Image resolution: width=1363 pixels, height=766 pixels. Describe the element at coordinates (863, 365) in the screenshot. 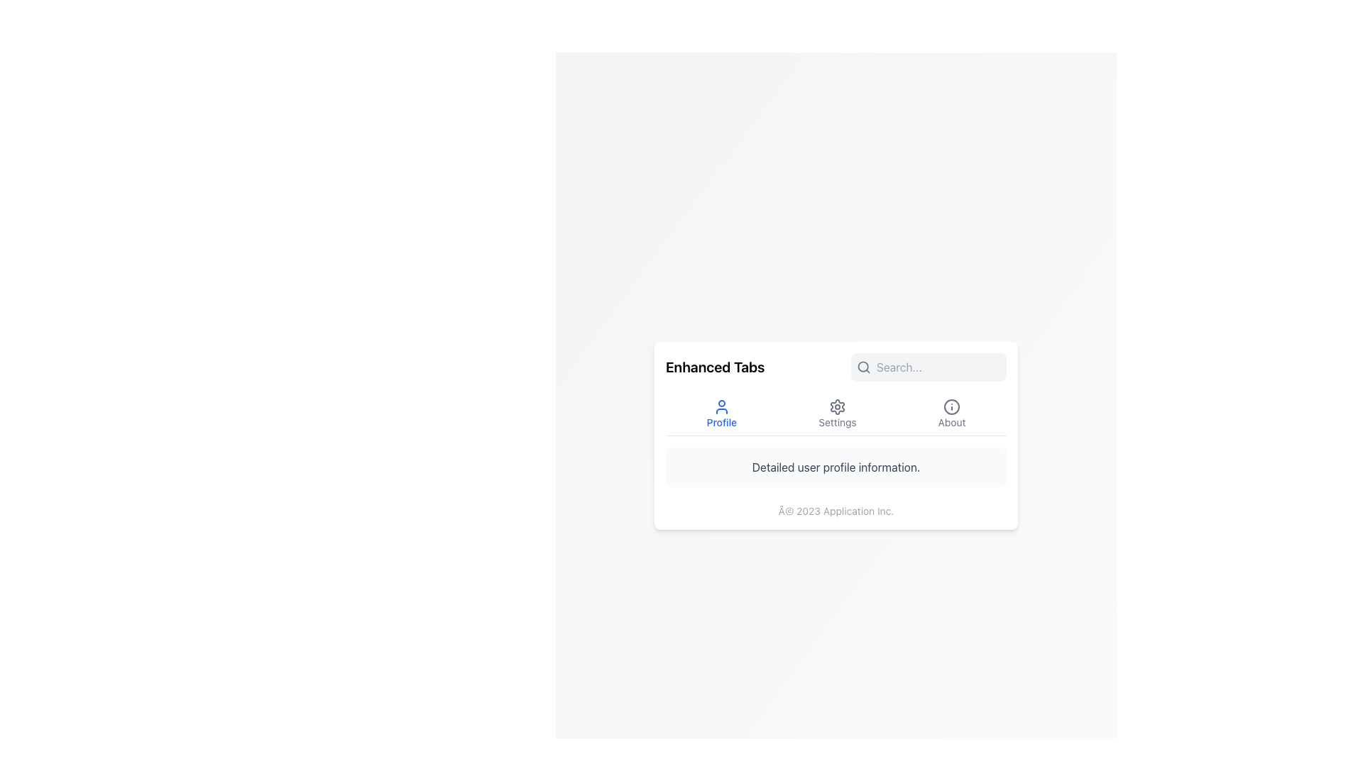

I see `the circular portion of the search icon represented by the SVG circle component located at the top-right corner of the central card displaying 'Enhanced Tabs'` at that location.